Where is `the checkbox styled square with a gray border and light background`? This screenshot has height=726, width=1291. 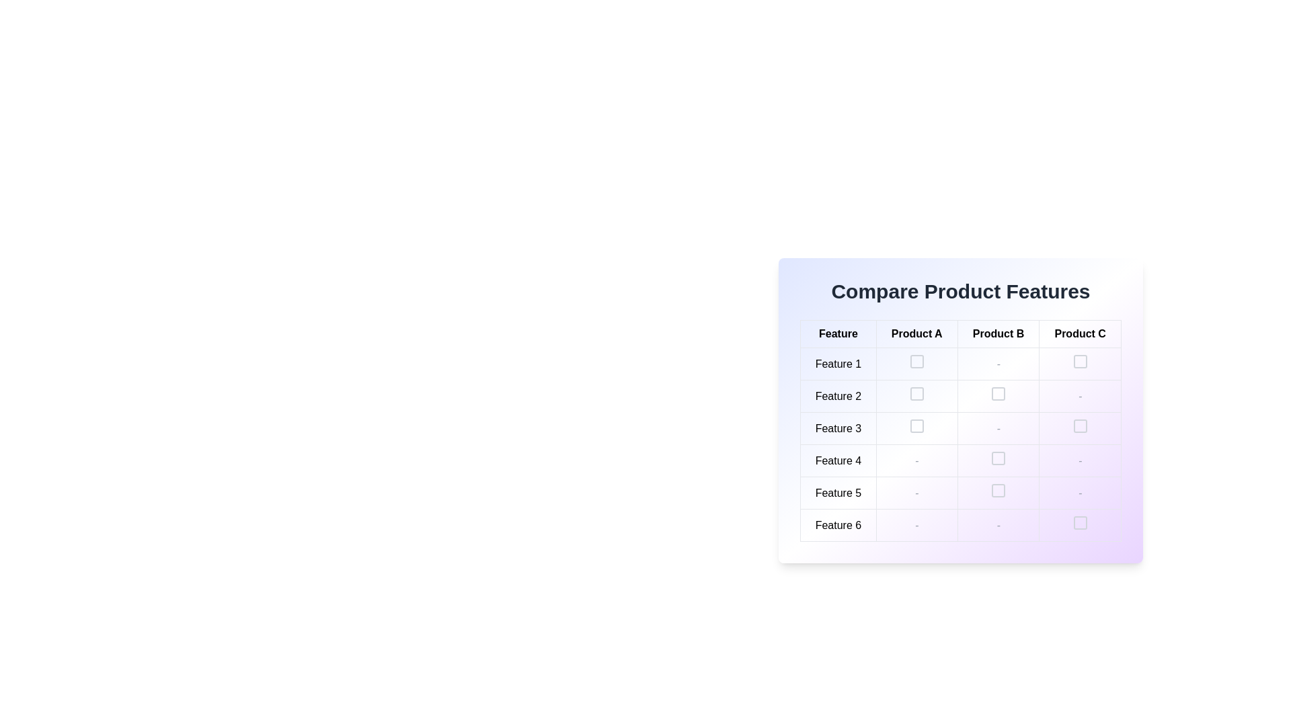 the checkbox styled square with a gray border and light background is located at coordinates (999, 393).